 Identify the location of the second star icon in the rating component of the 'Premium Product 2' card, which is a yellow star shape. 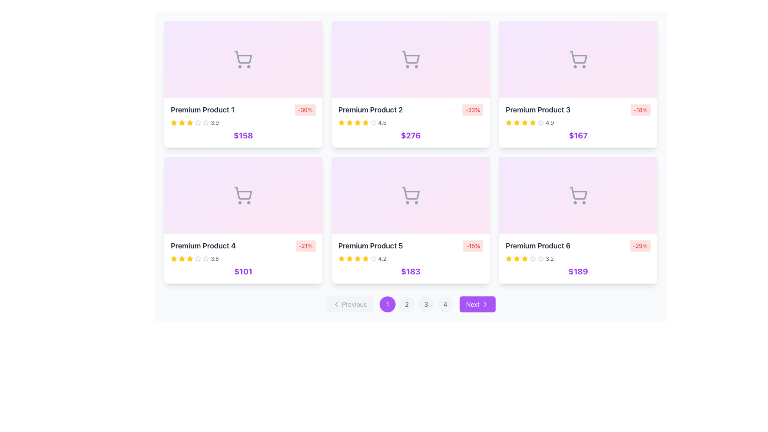
(365, 122).